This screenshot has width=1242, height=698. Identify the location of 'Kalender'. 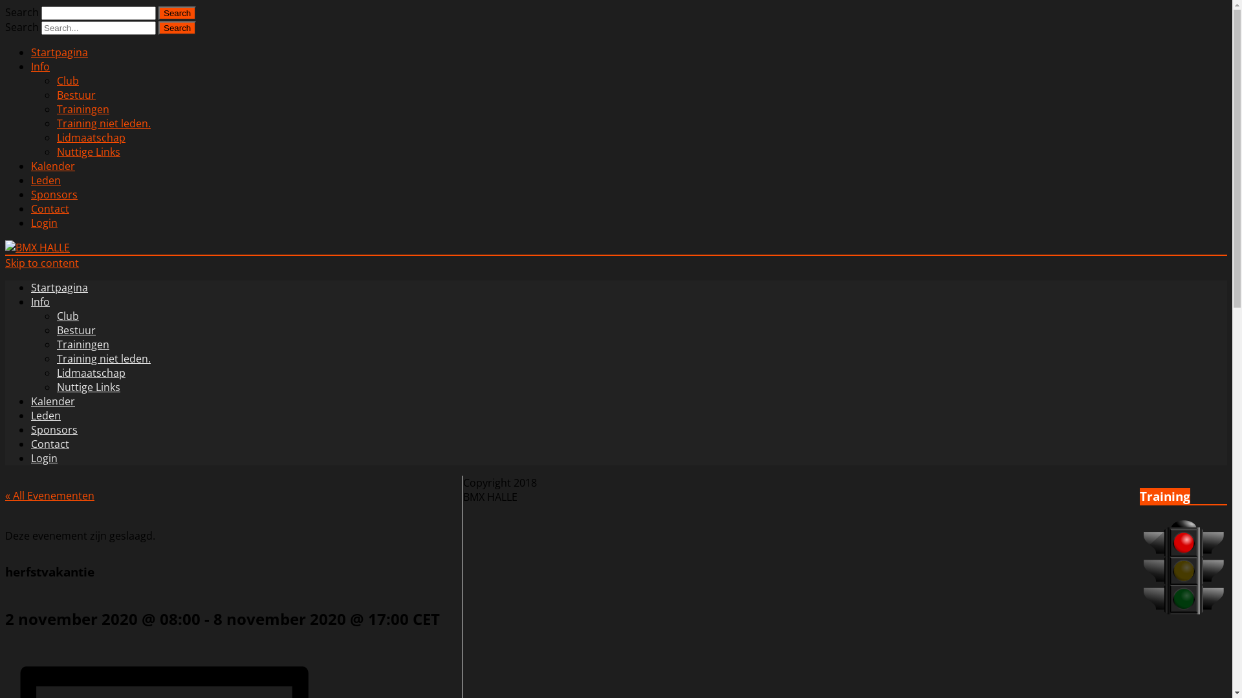
(52, 165).